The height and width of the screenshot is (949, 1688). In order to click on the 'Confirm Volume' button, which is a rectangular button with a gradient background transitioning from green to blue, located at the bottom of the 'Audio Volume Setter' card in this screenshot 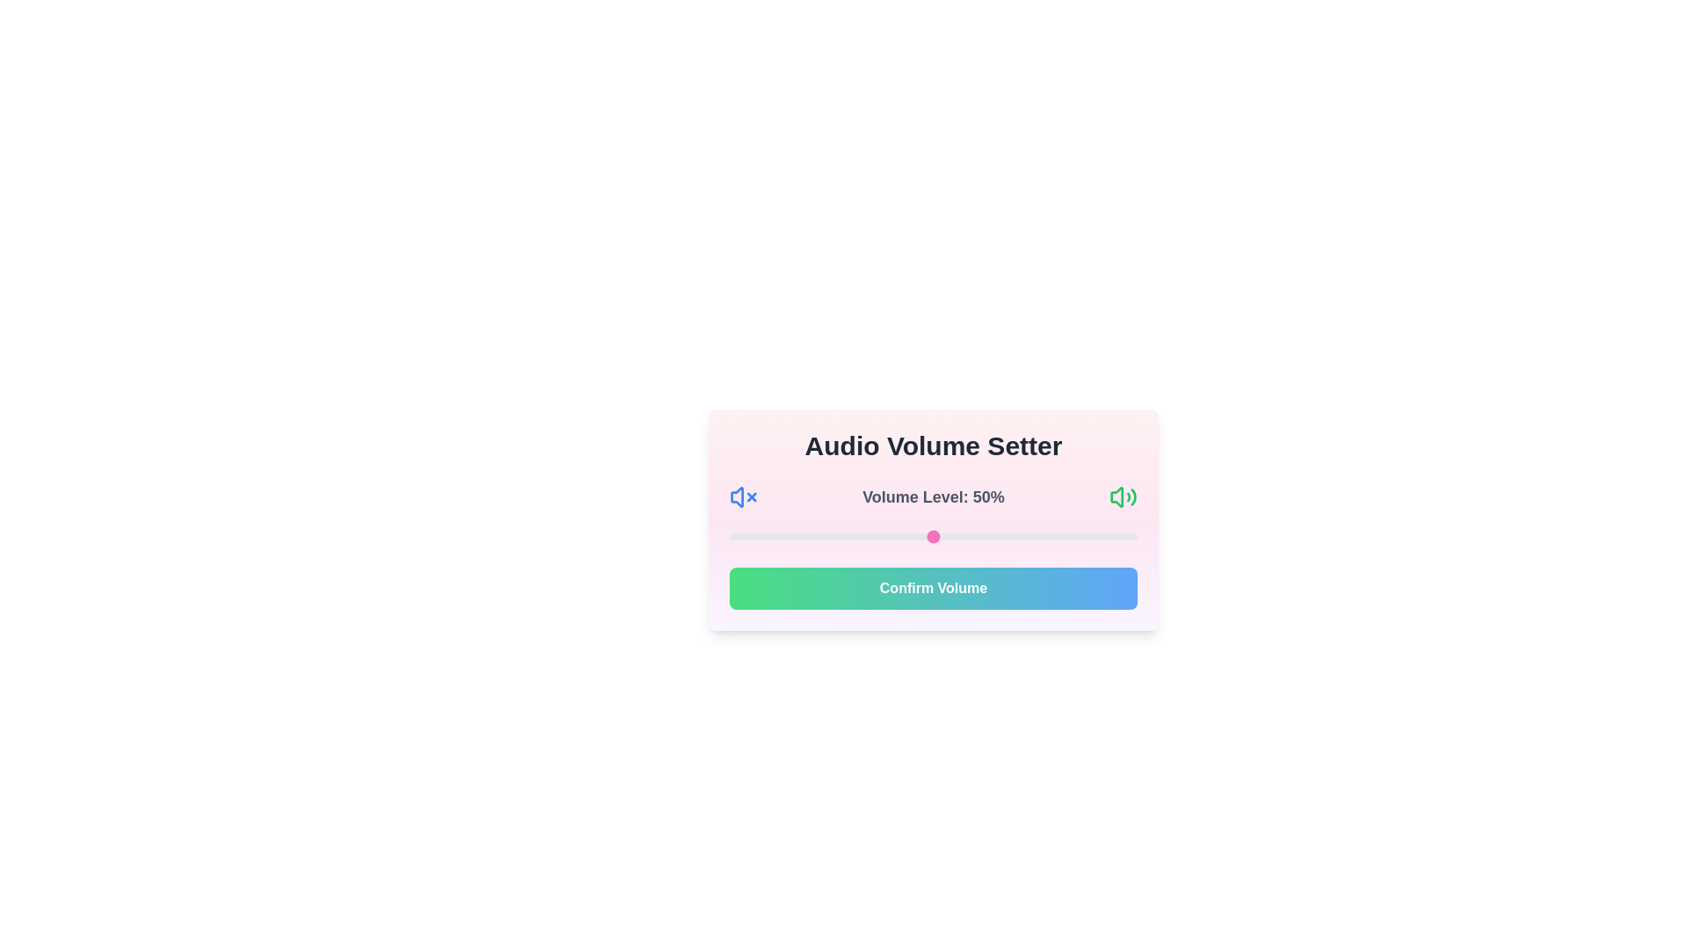, I will do `click(932, 589)`.